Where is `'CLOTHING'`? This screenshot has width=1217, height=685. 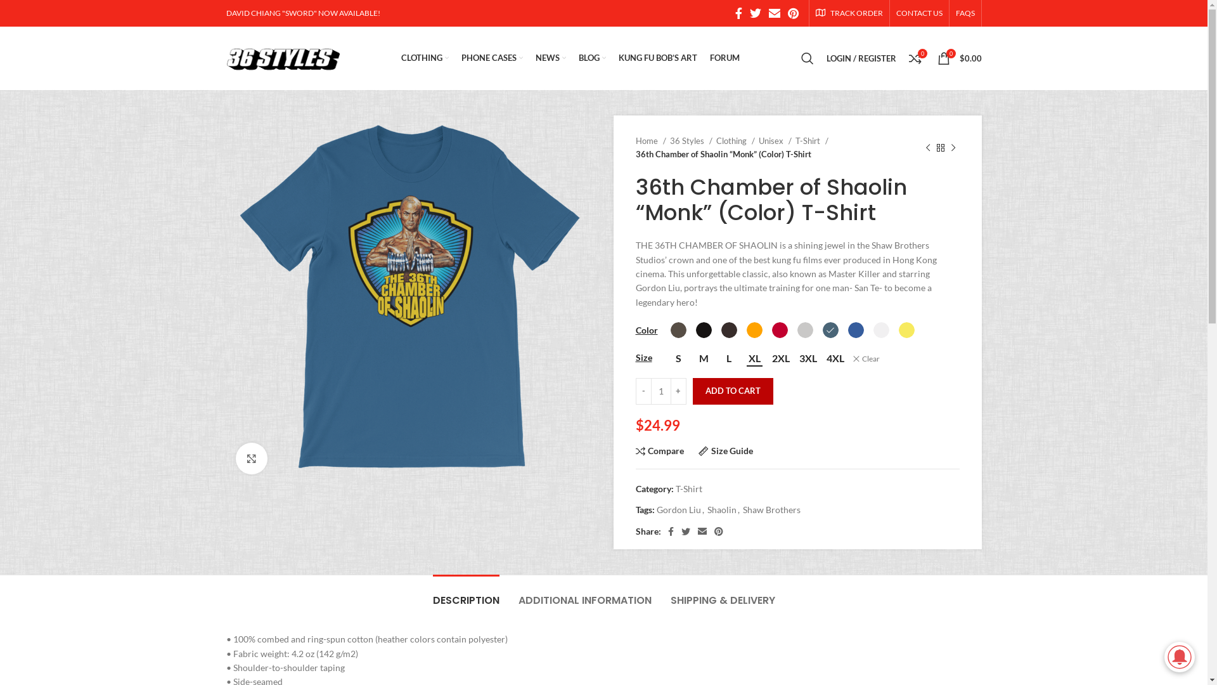 'CLOTHING' is located at coordinates (425, 58).